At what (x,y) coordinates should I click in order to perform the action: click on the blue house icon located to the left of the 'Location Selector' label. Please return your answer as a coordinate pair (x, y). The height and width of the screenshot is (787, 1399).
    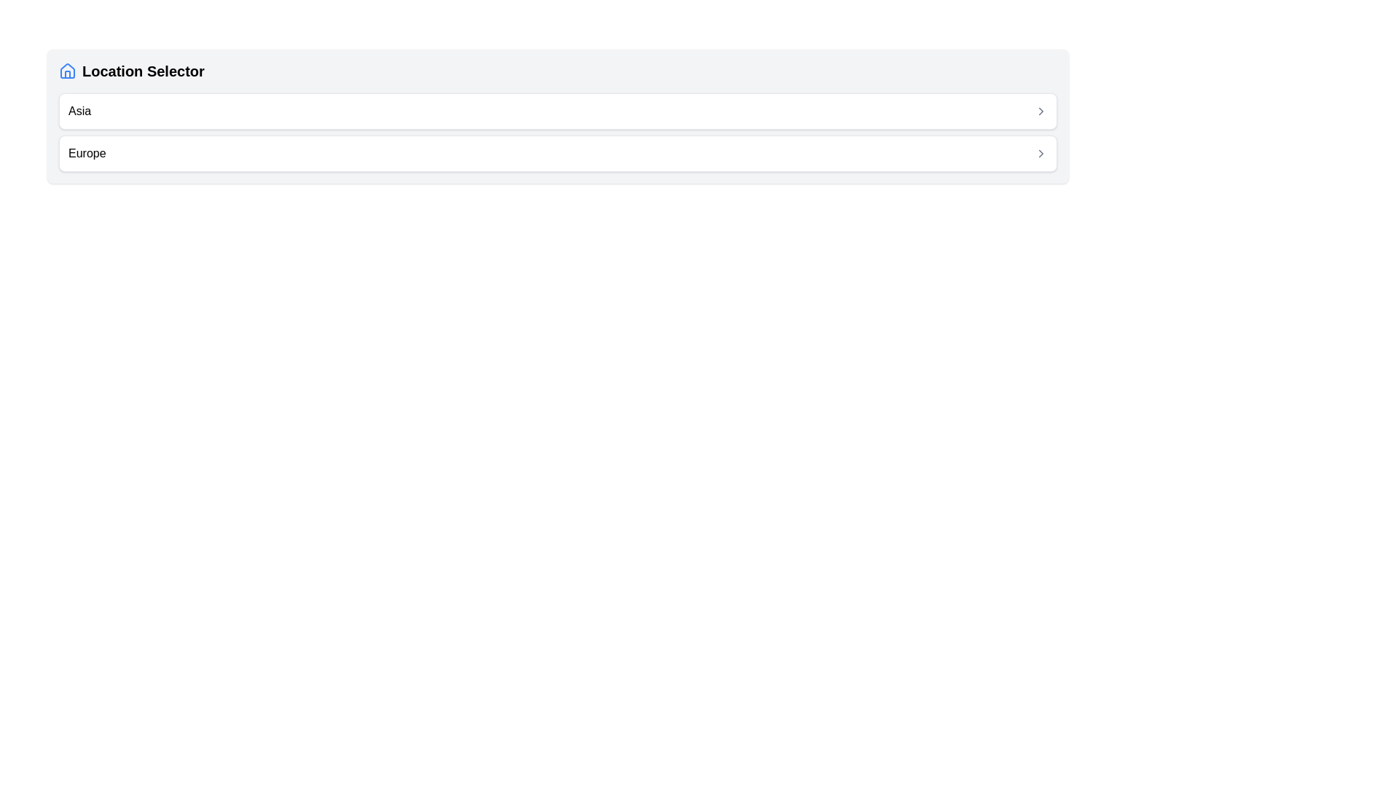
    Looking at the image, I should click on (66, 71).